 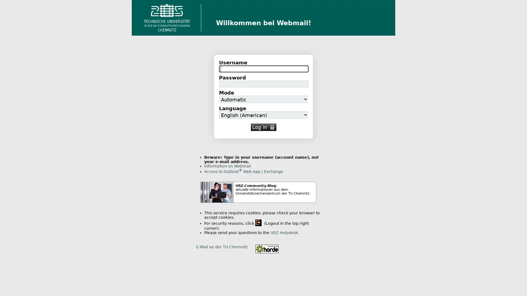 I want to click on Log in, so click(x=263, y=127).